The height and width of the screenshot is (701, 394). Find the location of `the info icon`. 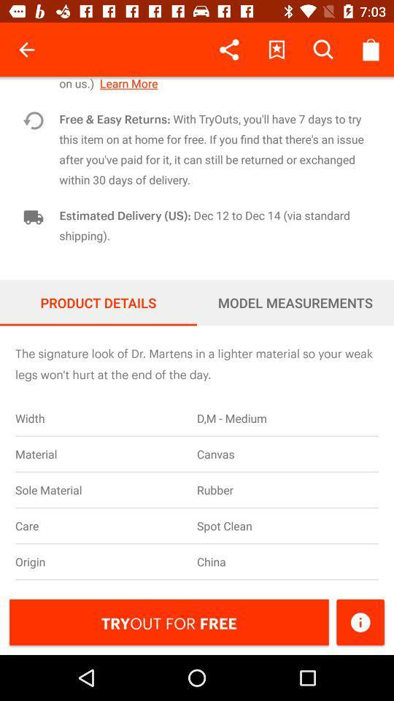

the info icon is located at coordinates (360, 621).